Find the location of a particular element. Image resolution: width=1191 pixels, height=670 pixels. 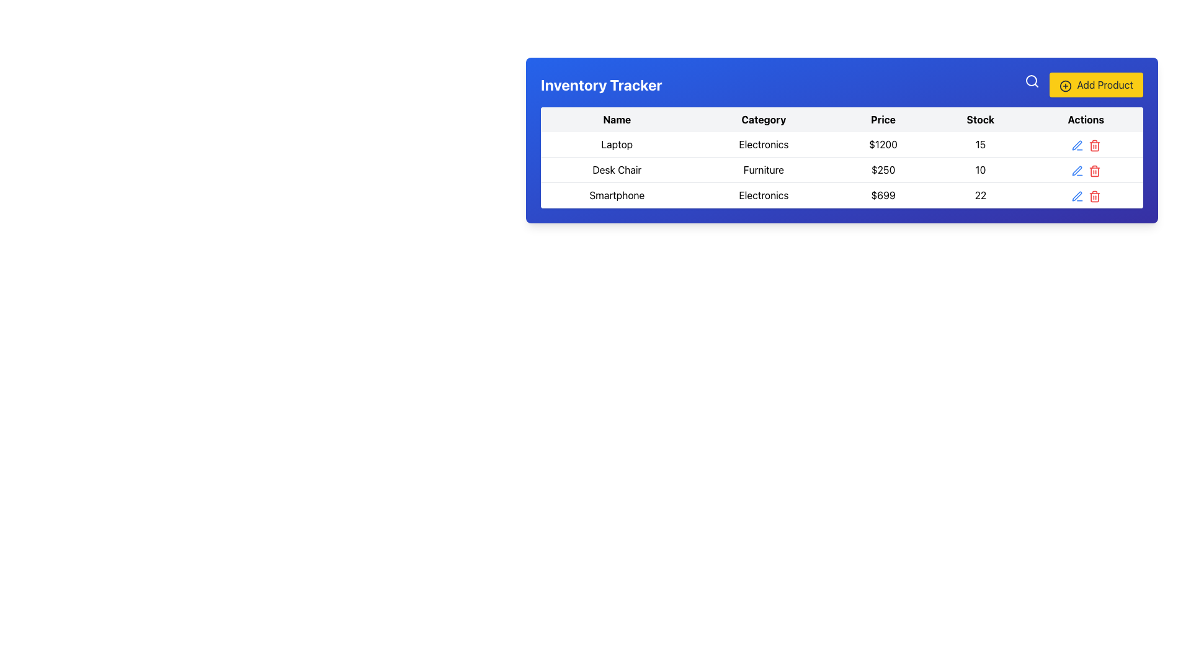

the price label displaying '$699' for the 'Smartphone' product in the Price column of the table is located at coordinates (883, 195).